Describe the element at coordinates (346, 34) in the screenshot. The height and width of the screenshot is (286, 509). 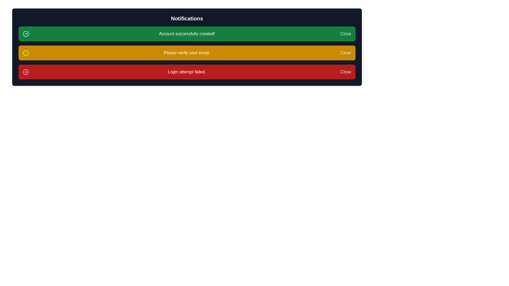
I see `the 'Close' button located in the rightmost edge of the green notification bar` at that location.